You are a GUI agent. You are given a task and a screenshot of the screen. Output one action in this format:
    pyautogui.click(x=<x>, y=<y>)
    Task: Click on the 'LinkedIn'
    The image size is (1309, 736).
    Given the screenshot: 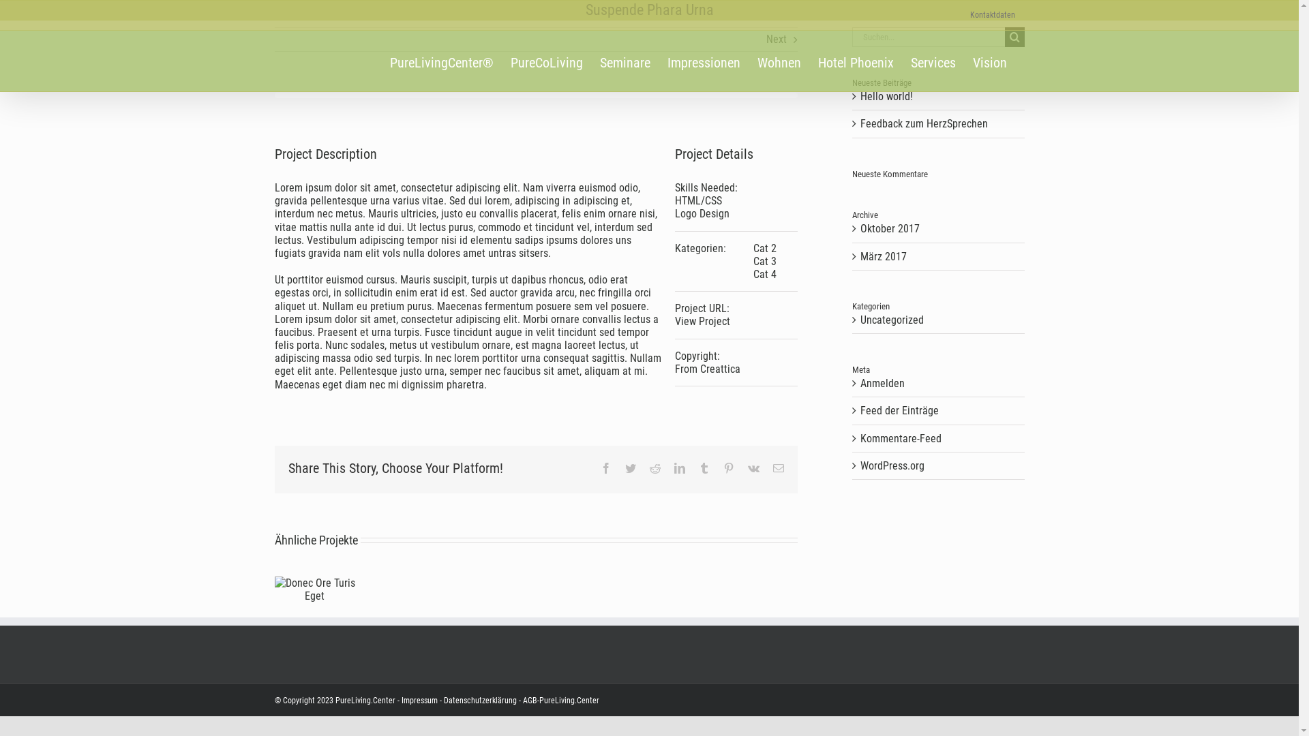 What is the action you would take?
    pyautogui.click(x=679, y=467)
    